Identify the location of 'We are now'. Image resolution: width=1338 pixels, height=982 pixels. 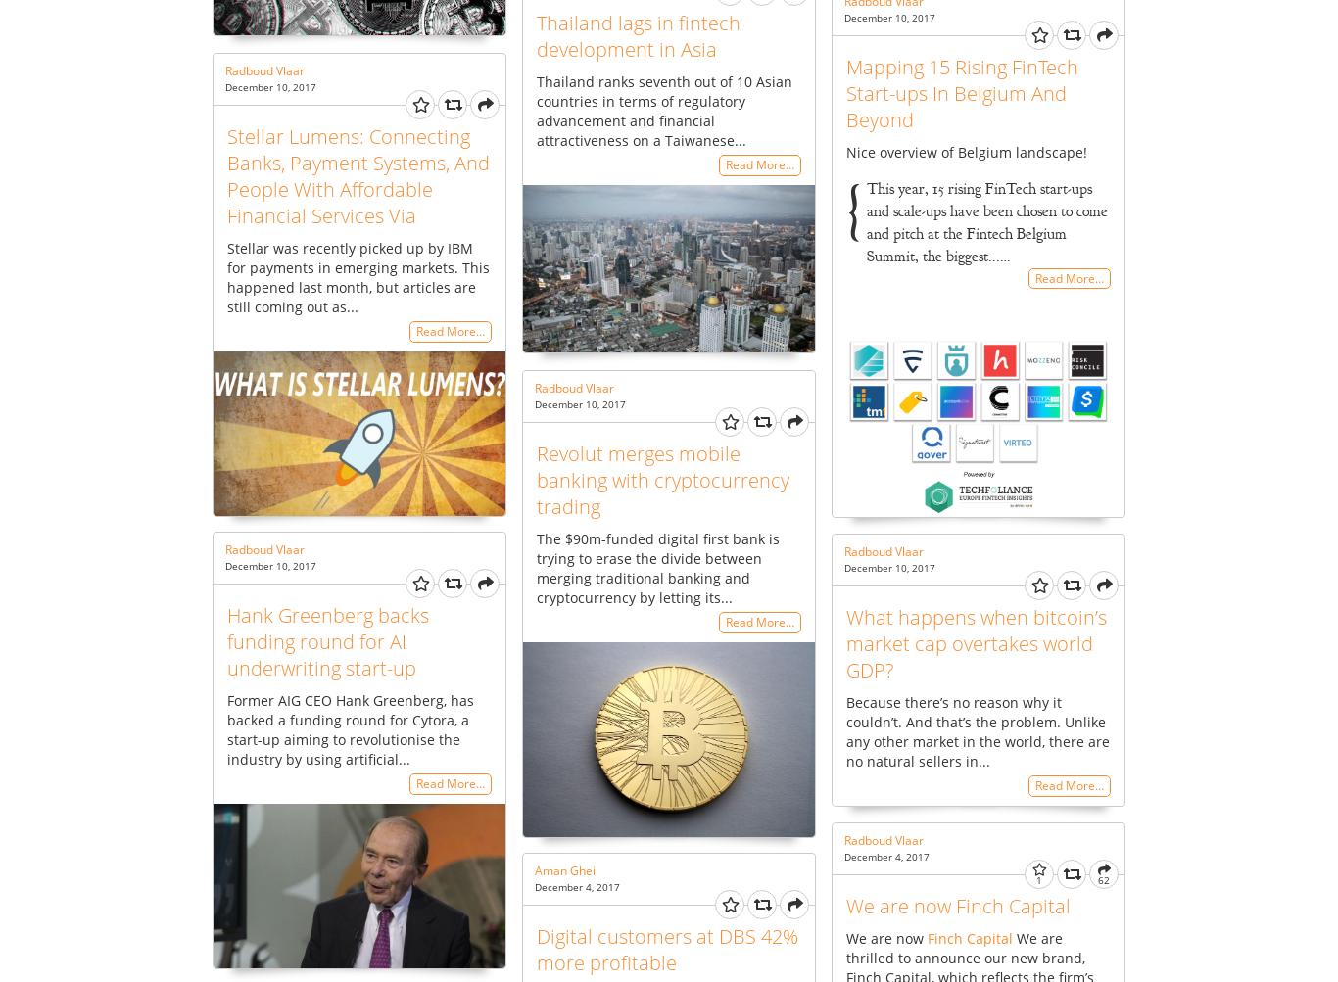
(885, 936).